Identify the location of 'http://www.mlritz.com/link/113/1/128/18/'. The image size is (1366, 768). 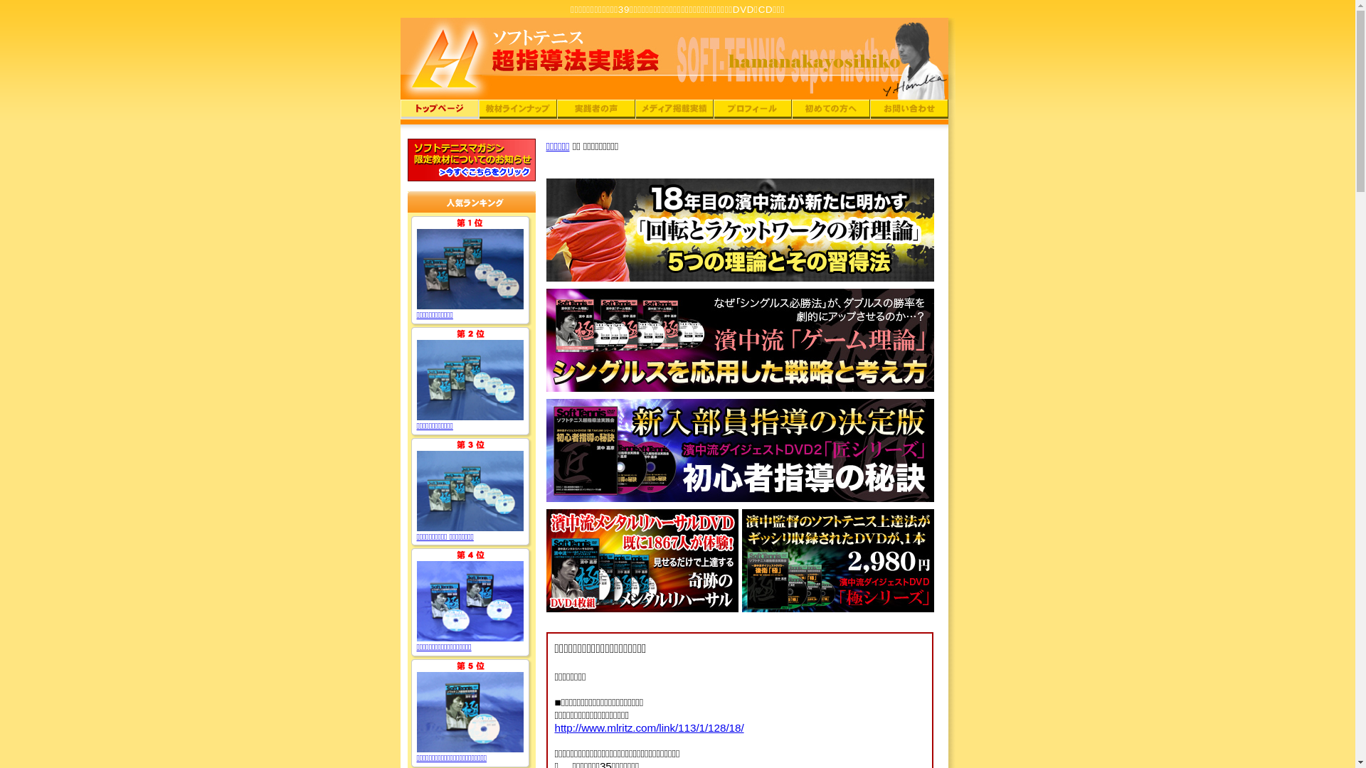
(648, 727).